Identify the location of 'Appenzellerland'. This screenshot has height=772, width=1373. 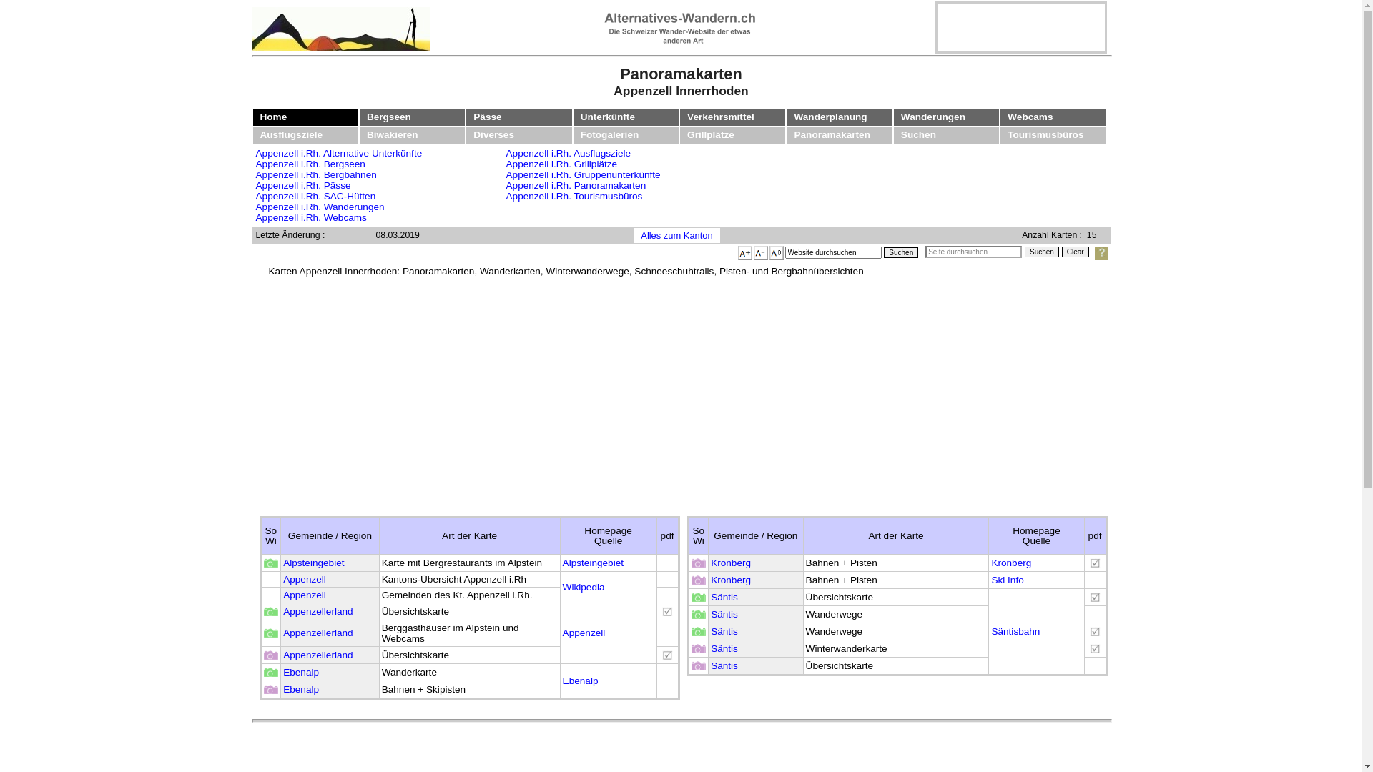
(282, 655).